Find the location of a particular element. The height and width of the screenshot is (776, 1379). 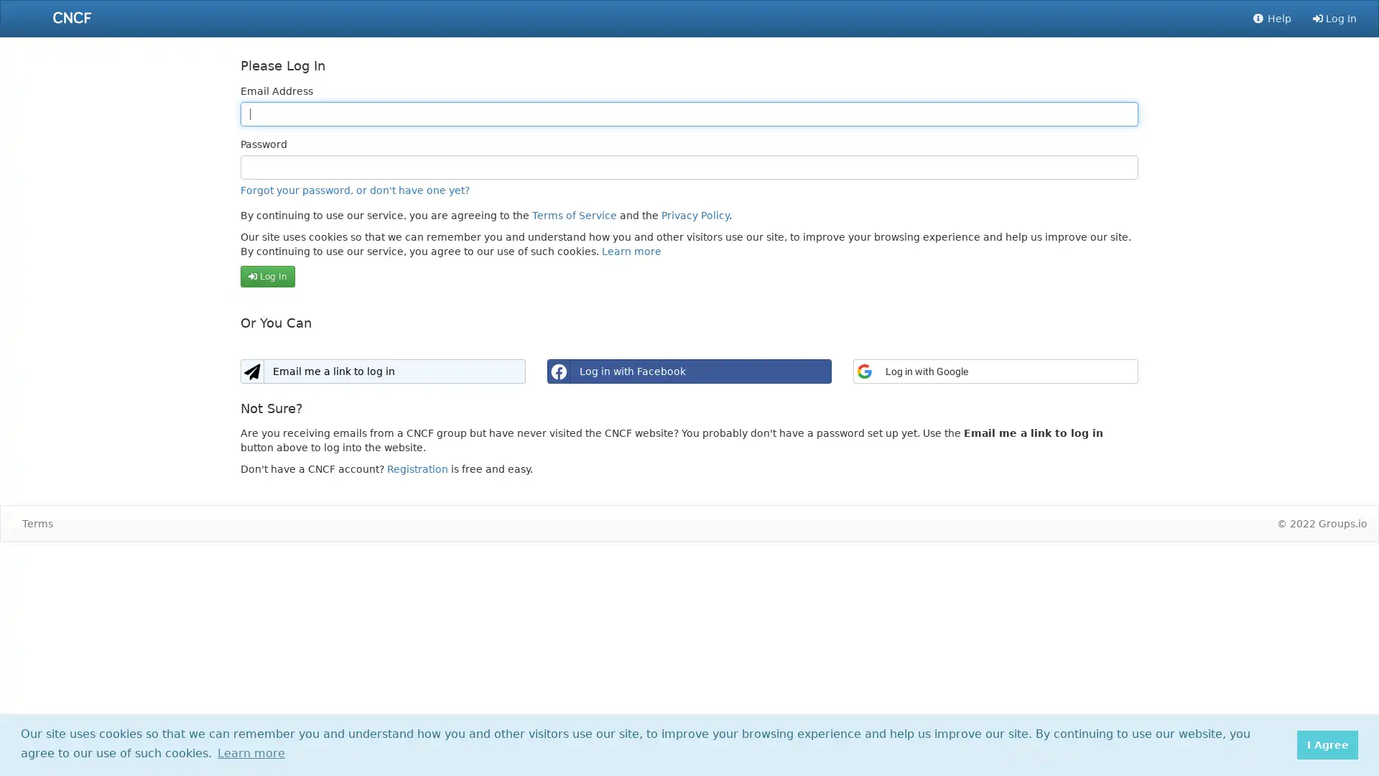

Log In is located at coordinates (266, 276).